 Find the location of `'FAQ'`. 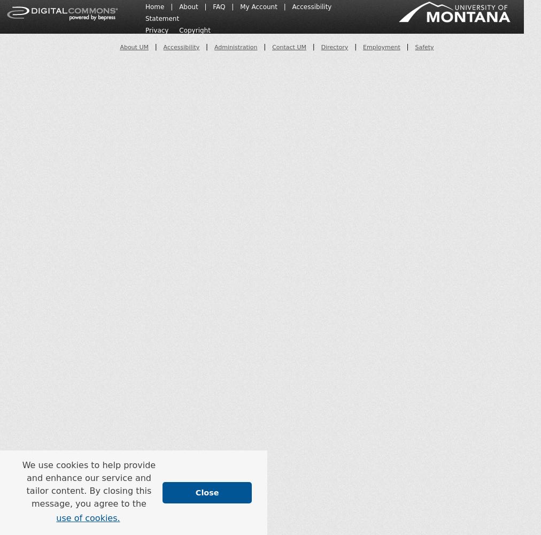

'FAQ' is located at coordinates (213, 6).